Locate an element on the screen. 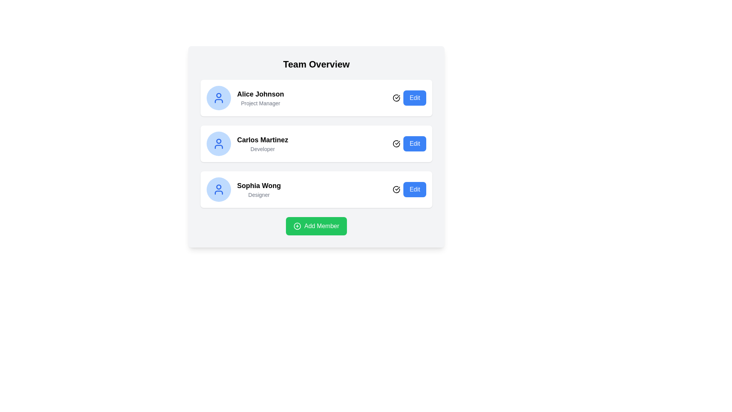 The width and height of the screenshot is (732, 412). the Avatar Image, which is a circular component with a light blue background and a user silhouette icon in darker blue, located adjacent to the text 'Sophia Wong' and 'Designer' is located at coordinates (218, 189).